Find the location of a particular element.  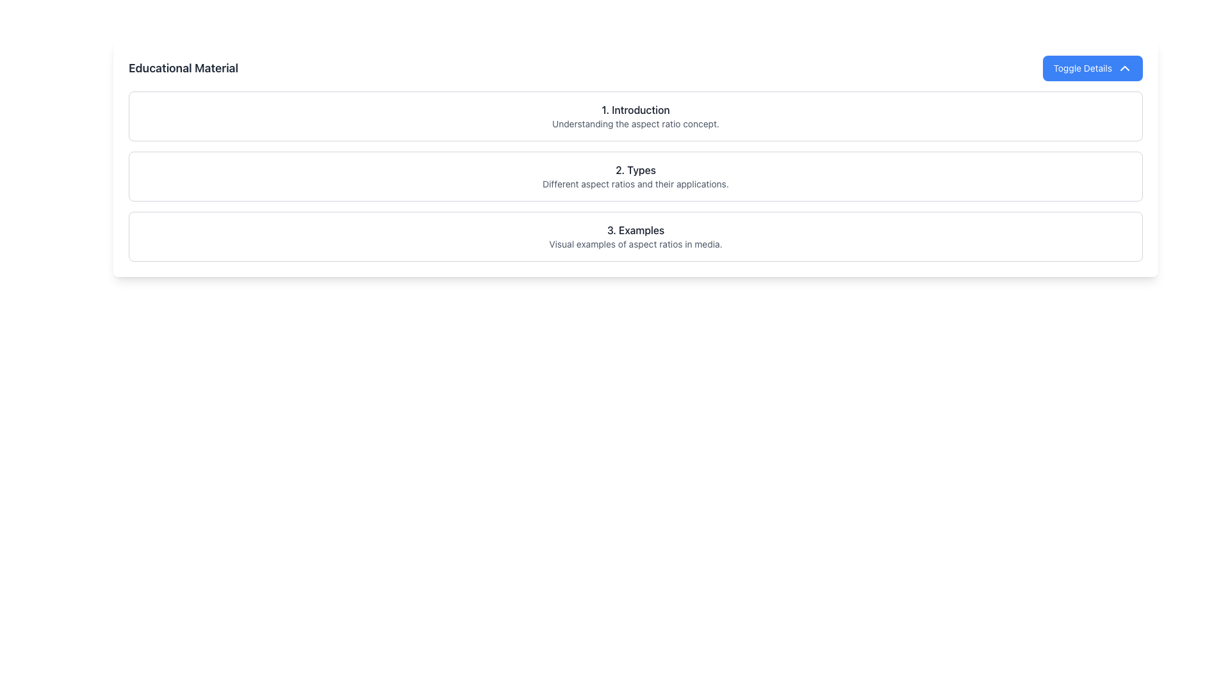

the text heading '1. Introduction' with the subtext 'Understanding the aspect ratio concept.' which is the first entry in a vertically stacked list, located at the top of the interface is located at coordinates (635, 116).